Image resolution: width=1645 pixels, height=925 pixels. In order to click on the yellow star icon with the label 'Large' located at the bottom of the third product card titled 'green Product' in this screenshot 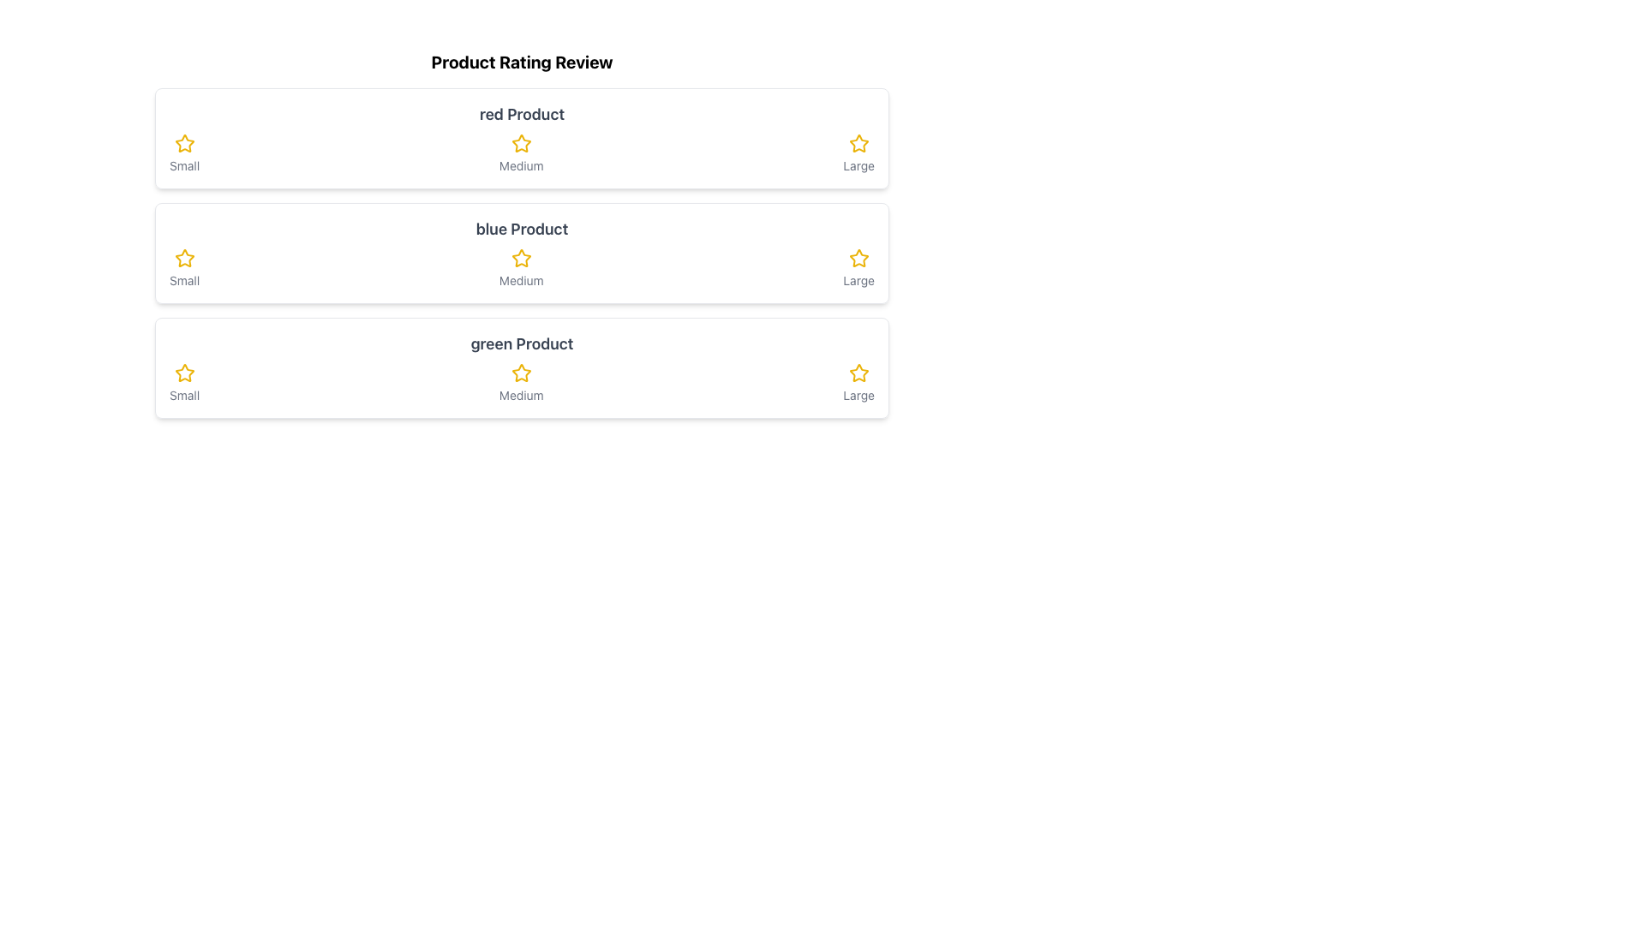, I will do `click(858, 382)`.